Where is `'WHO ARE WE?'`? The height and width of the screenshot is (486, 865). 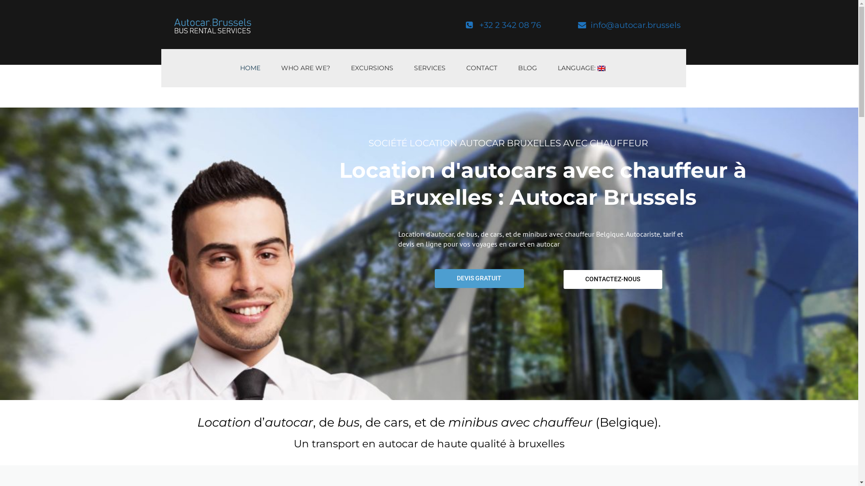
'WHO ARE WE?' is located at coordinates (270, 67).